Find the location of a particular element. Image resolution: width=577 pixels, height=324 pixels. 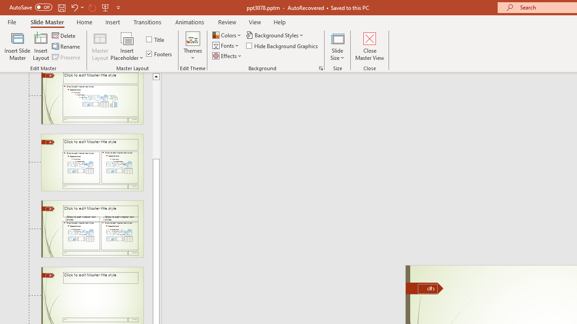

'Save' is located at coordinates (61, 7).